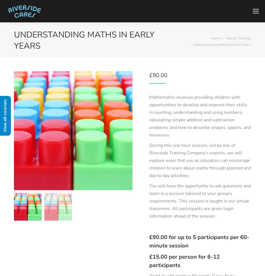 The image size is (265, 276). I want to click on 'Home', so click(216, 38).